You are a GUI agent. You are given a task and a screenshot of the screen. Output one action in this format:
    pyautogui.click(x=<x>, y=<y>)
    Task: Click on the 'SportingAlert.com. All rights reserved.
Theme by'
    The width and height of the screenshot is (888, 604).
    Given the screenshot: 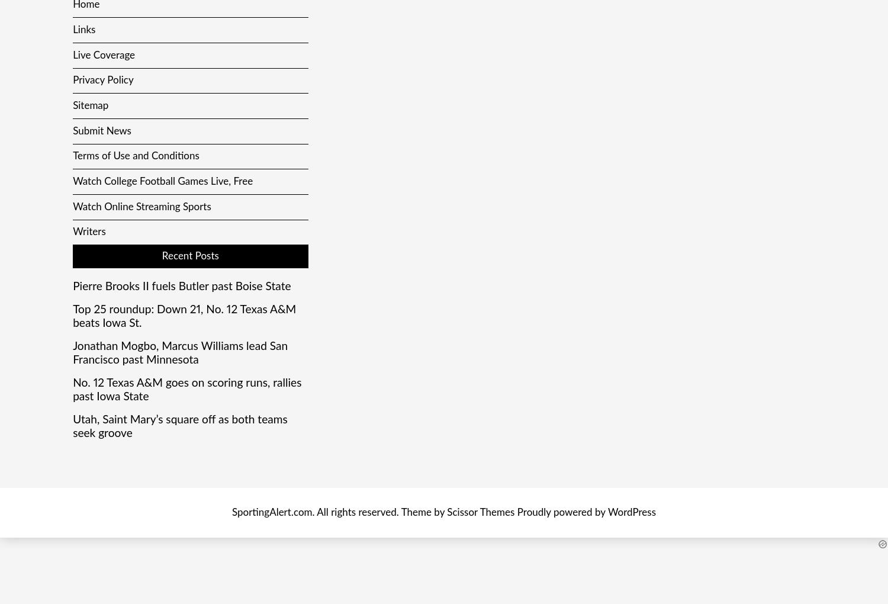 What is the action you would take?
    pyautogui.click(x=339, y=512)
    